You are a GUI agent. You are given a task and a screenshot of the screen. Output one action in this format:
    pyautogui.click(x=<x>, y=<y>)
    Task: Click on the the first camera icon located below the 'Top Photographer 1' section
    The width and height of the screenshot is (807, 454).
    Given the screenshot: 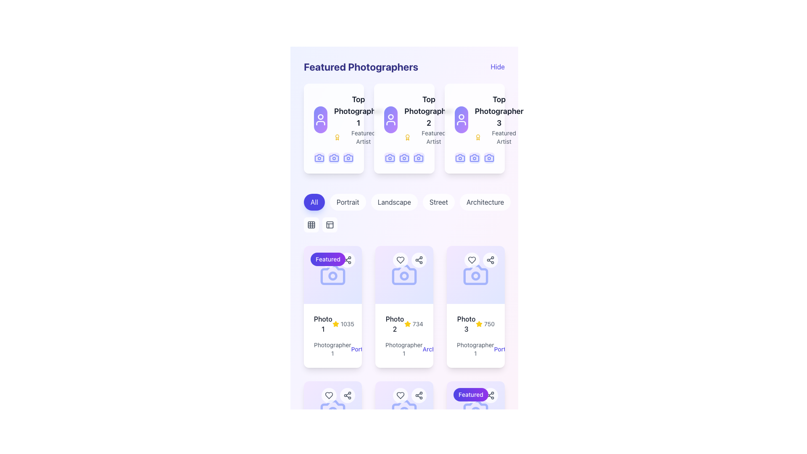 What is the action you would take?
    pyautogui.click(x=319, y=158)
    